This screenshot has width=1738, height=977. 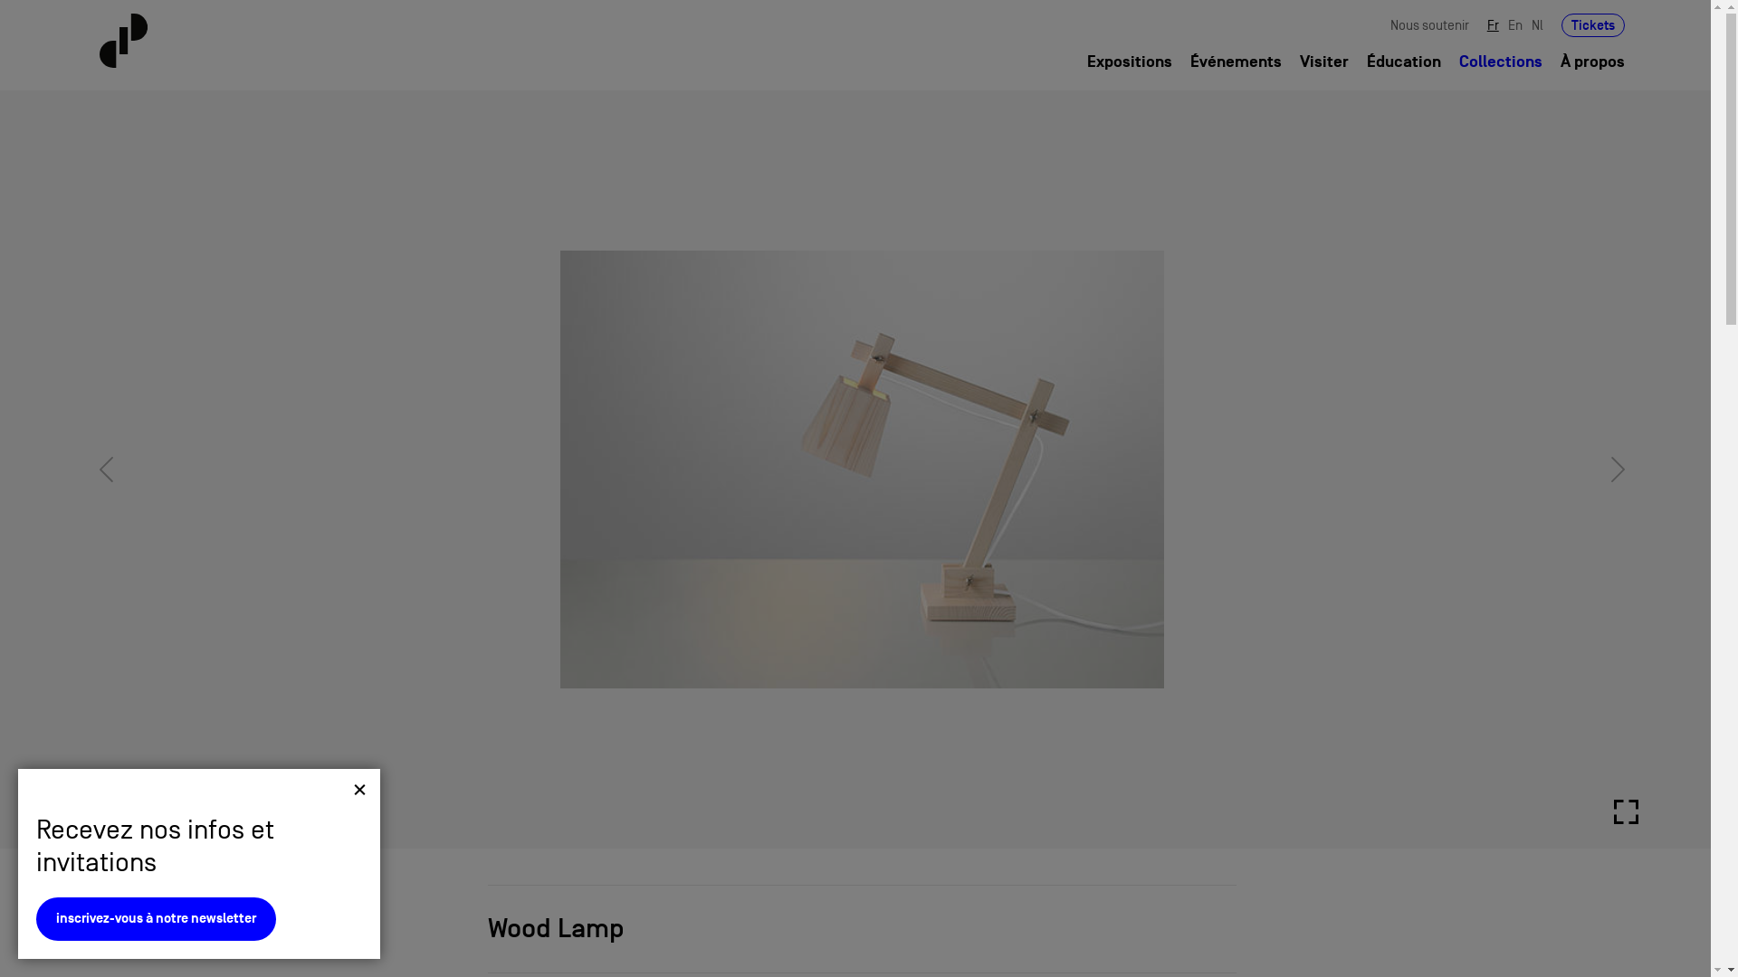 I want to click on 'Back to homepage', so click(x=224, y=41).